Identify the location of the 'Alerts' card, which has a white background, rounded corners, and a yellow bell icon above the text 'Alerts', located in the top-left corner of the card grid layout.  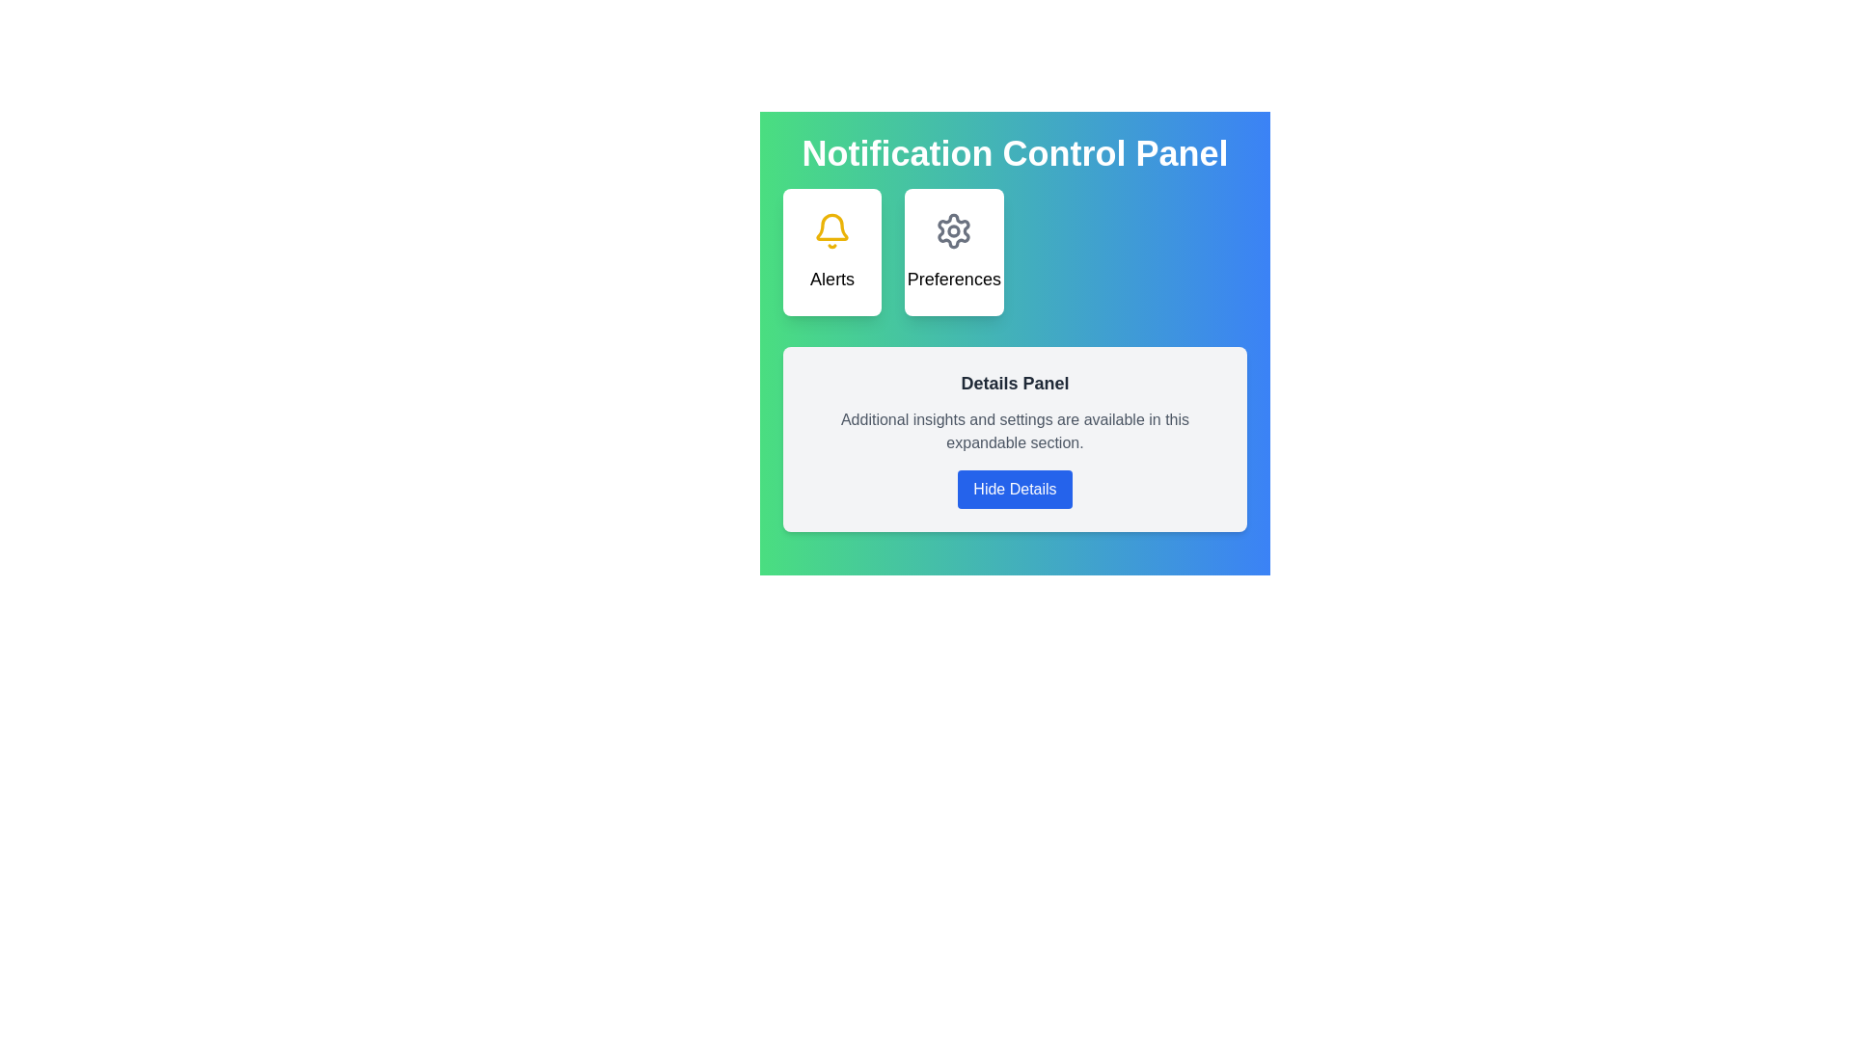
(832, 252).